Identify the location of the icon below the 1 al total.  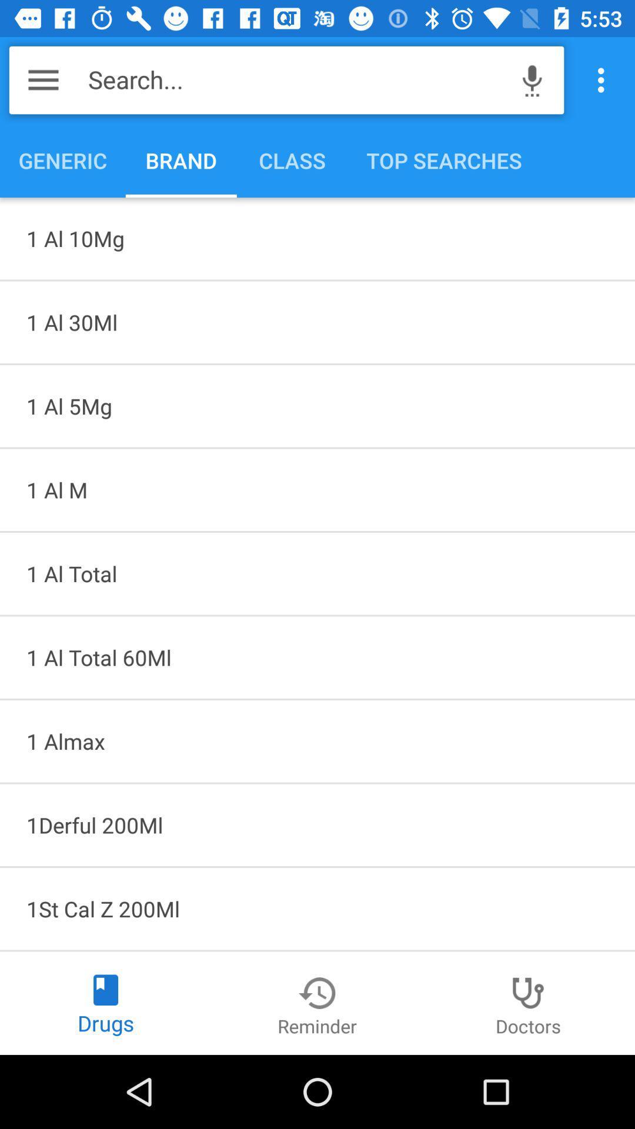
(317, 740).